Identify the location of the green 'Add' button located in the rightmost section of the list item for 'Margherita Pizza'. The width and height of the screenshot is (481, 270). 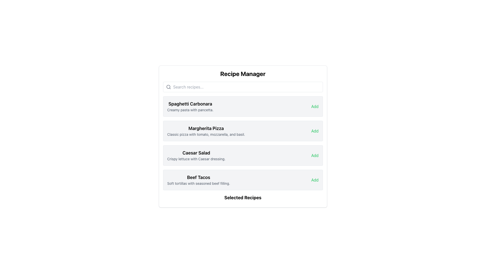
(315, 131).